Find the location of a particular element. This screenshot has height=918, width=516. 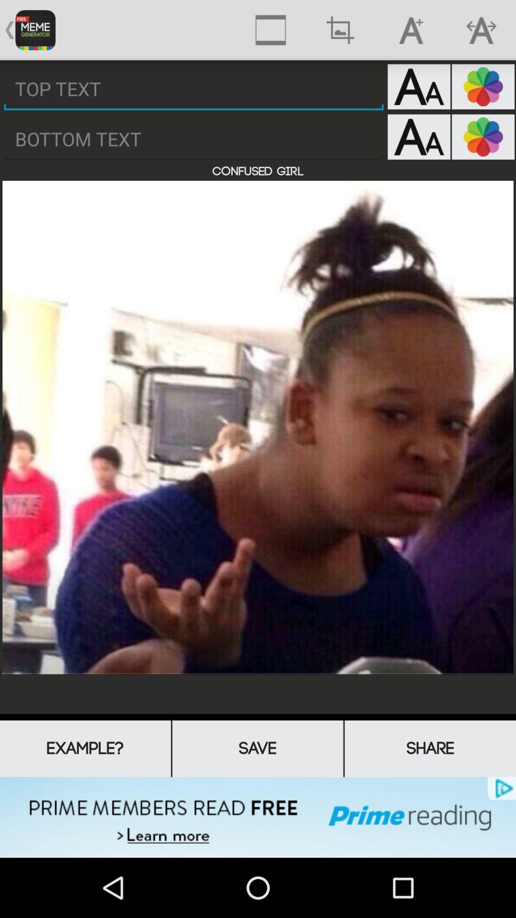

to write is located at coordinates (193, 139).